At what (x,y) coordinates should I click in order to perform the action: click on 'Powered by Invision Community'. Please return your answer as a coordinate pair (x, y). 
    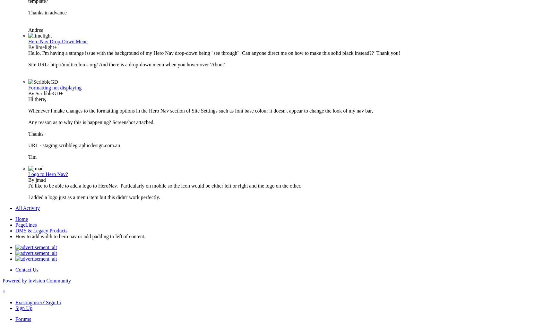
    Looking at the image, I should click on (37, 280).